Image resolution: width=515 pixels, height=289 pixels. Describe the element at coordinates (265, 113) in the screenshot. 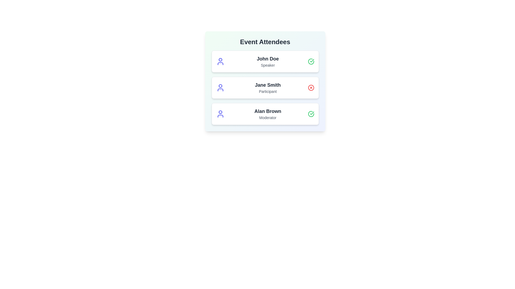

I see `the attendee card for Alan Brown` at that location.